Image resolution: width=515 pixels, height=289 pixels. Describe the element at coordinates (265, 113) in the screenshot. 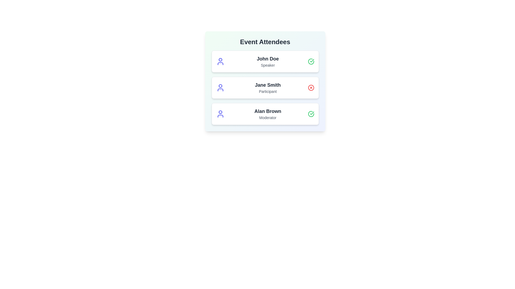

I see `the attendee card for Alan Brown` at that location.